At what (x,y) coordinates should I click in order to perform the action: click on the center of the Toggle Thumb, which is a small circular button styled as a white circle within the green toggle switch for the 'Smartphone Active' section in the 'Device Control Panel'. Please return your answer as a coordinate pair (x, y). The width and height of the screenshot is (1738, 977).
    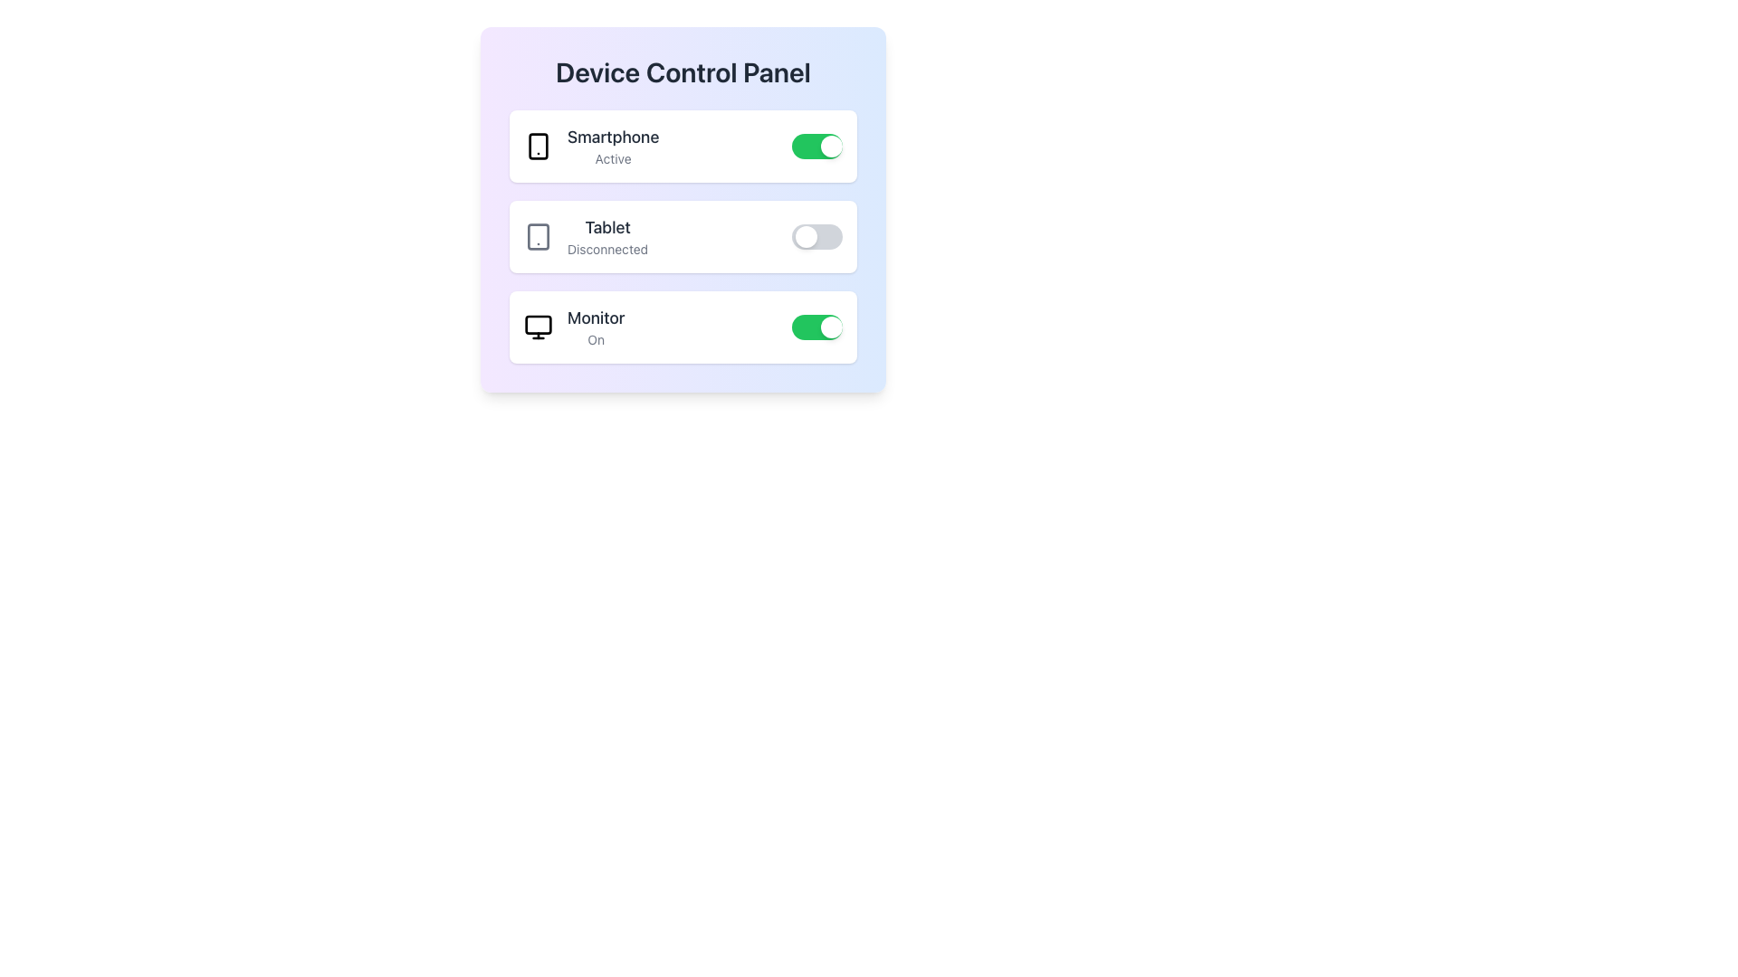
    Looking at the image, I should click on (830, 146).